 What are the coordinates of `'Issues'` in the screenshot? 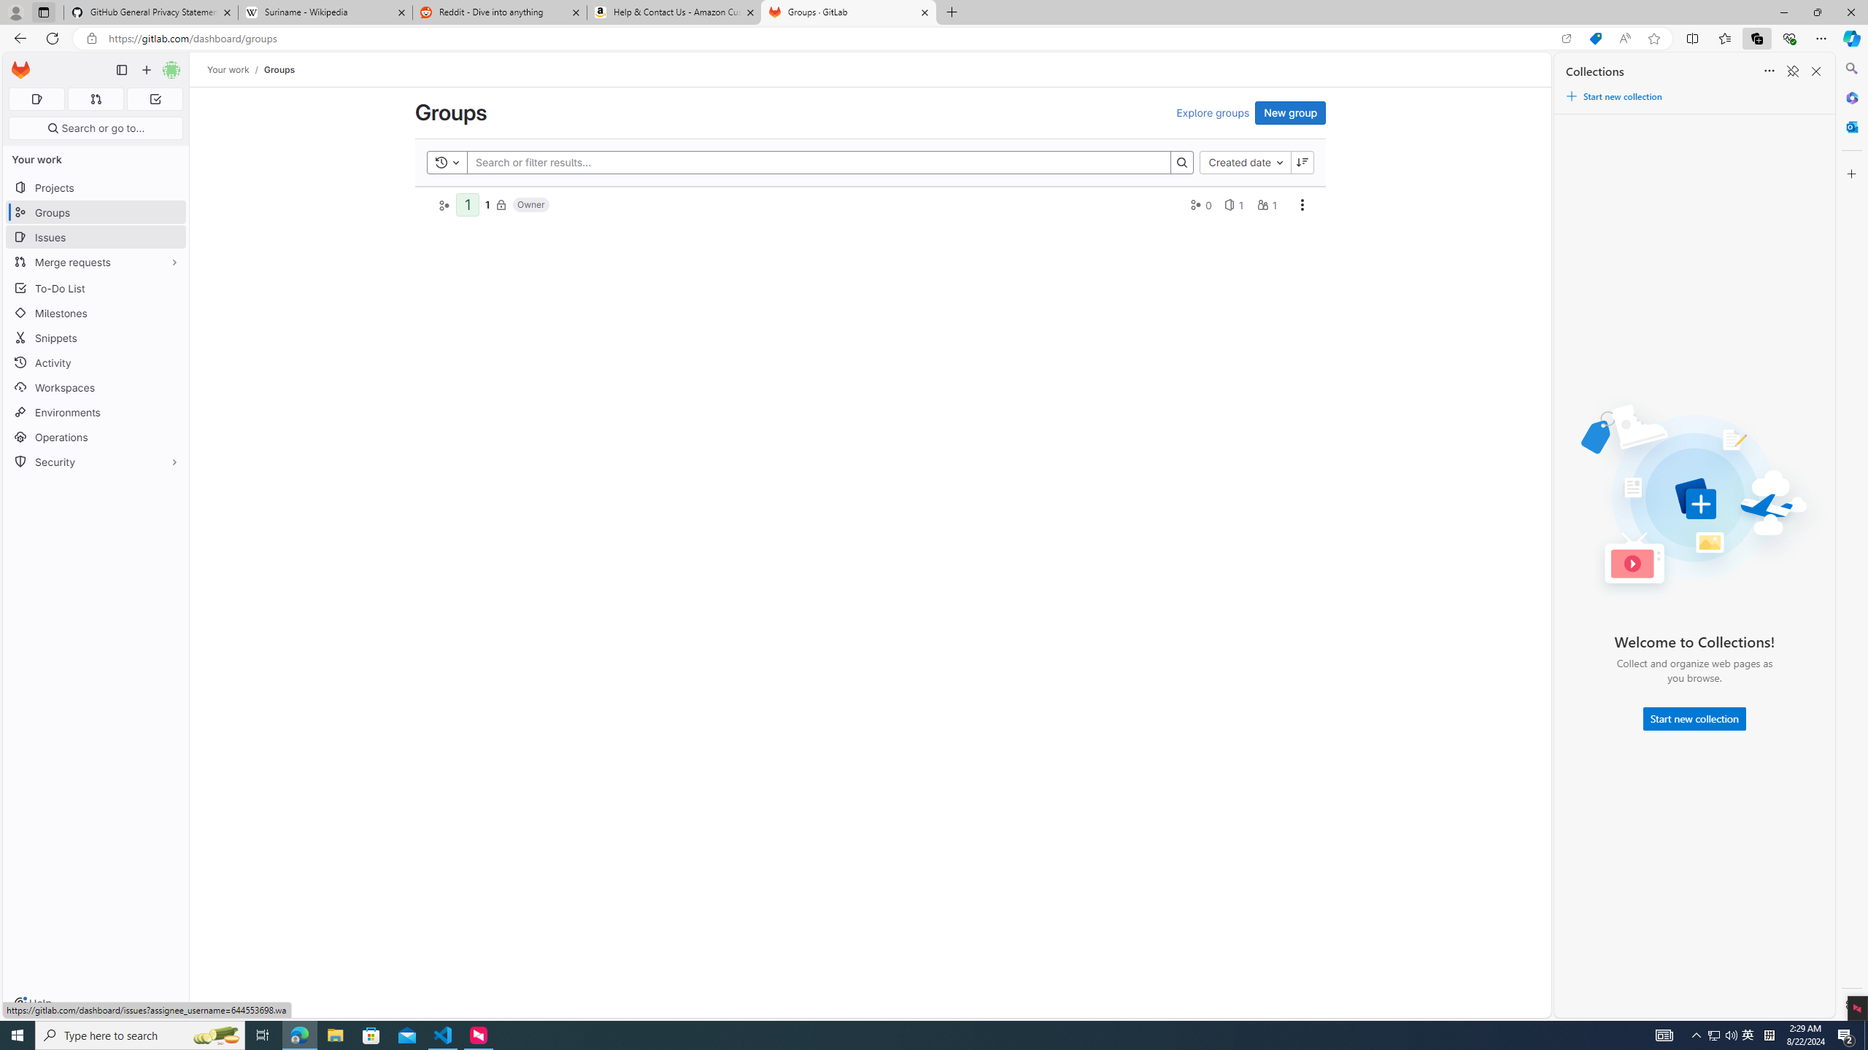 It's located at (95, 237).